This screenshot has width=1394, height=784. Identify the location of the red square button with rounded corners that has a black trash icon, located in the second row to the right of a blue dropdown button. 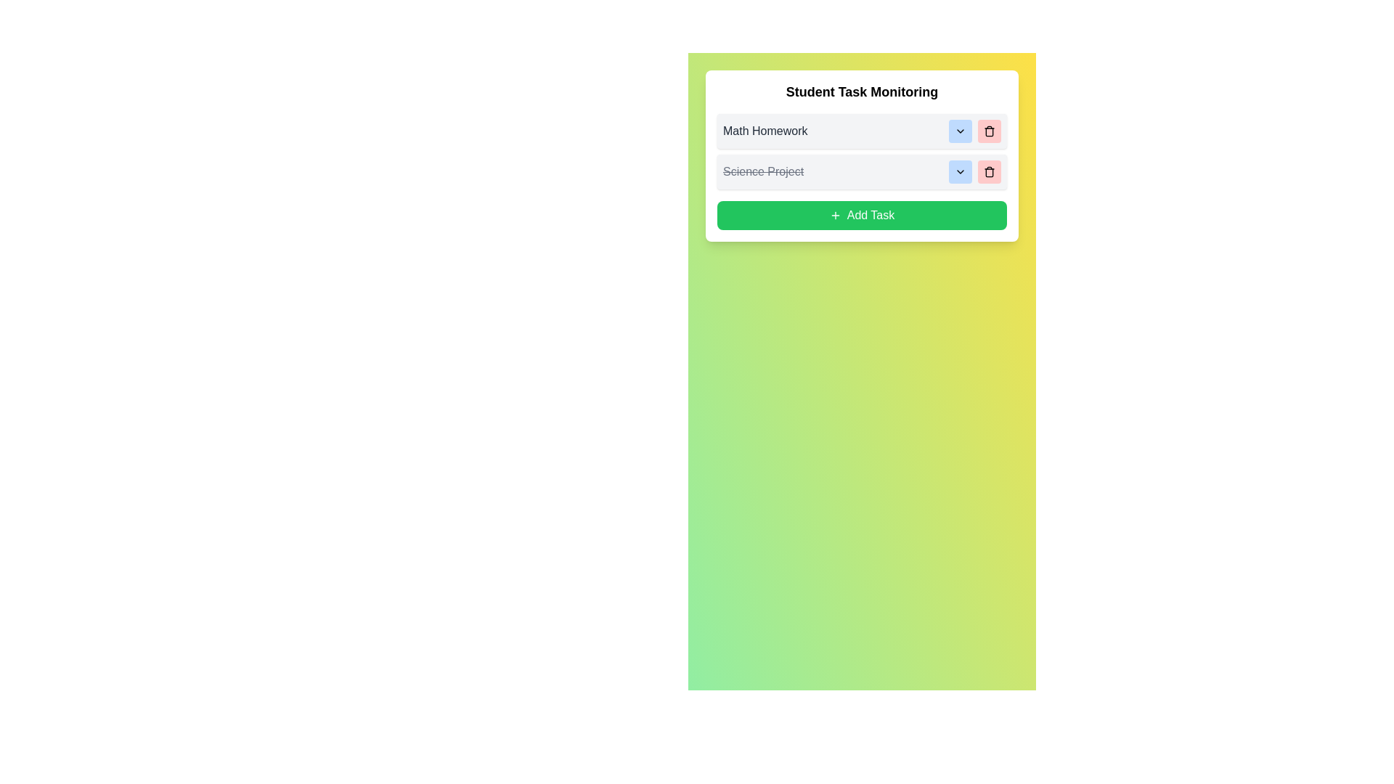
(989, 171).